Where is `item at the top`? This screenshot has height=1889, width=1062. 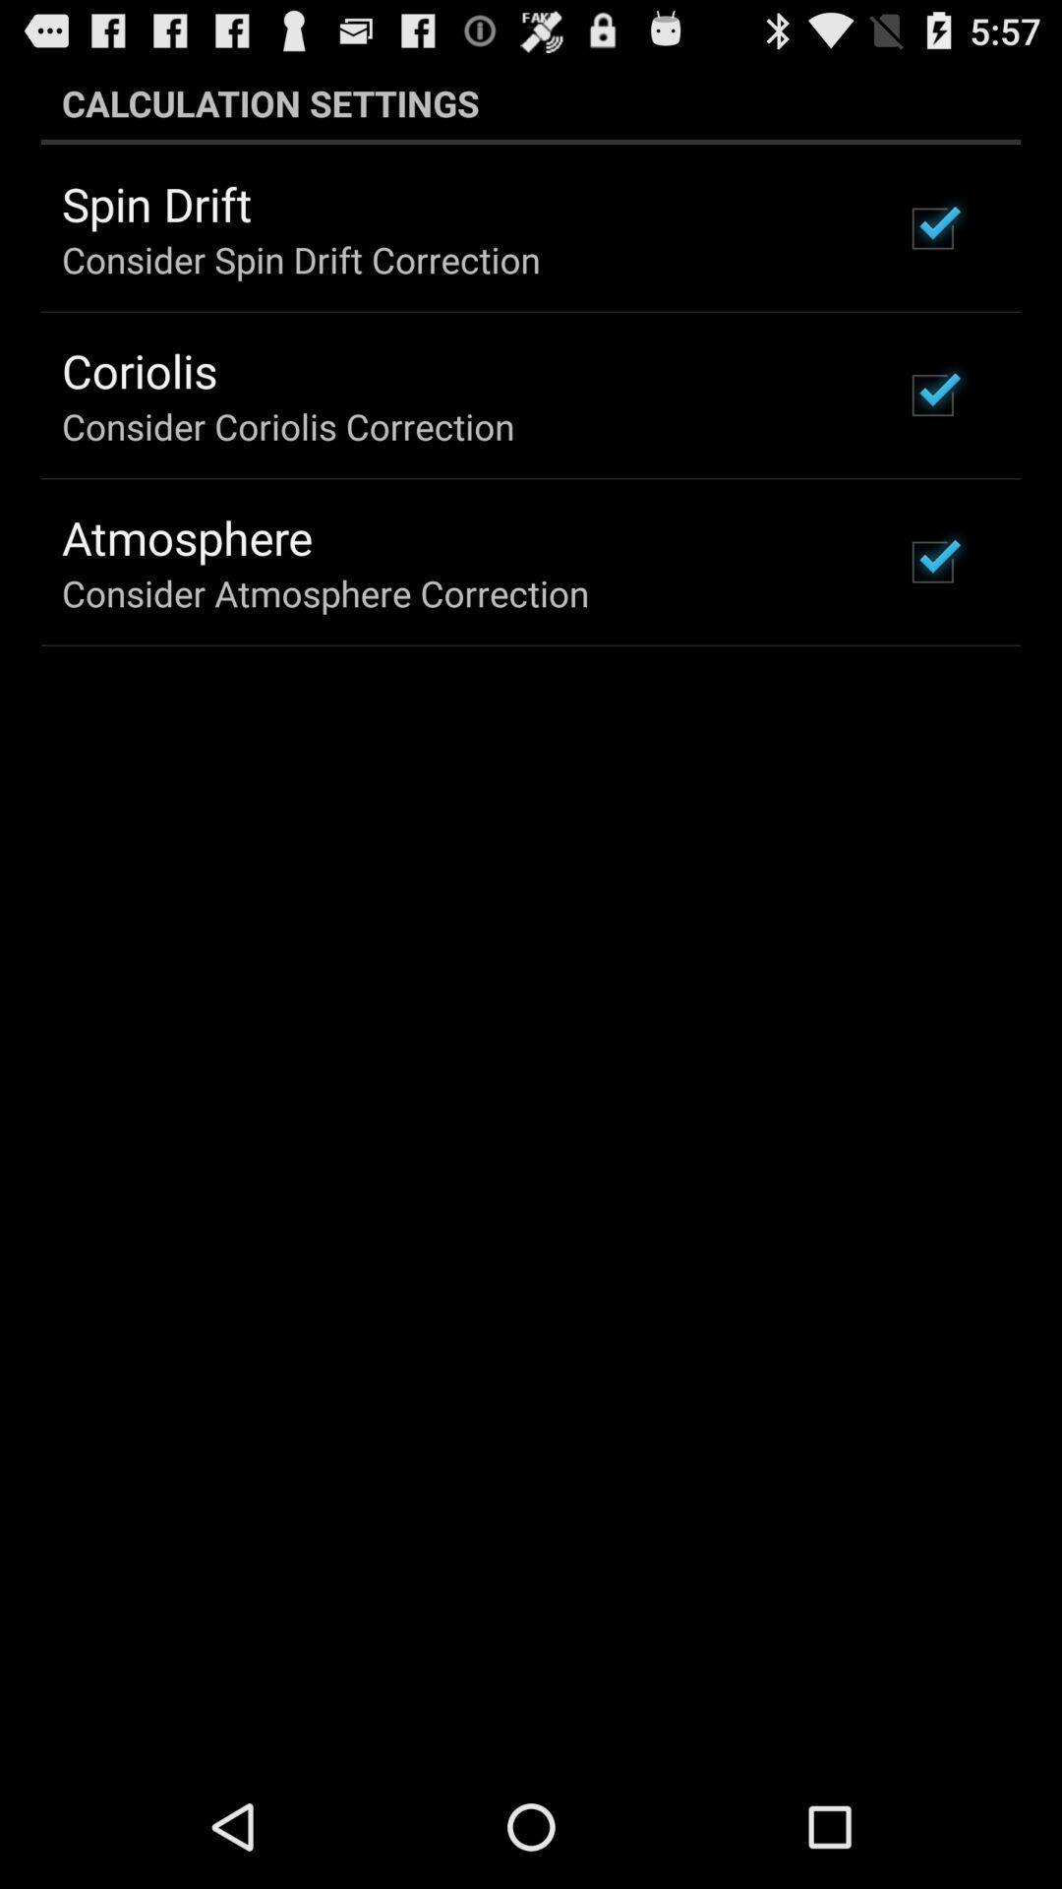
item at the top is located at coordinates (531, 102).